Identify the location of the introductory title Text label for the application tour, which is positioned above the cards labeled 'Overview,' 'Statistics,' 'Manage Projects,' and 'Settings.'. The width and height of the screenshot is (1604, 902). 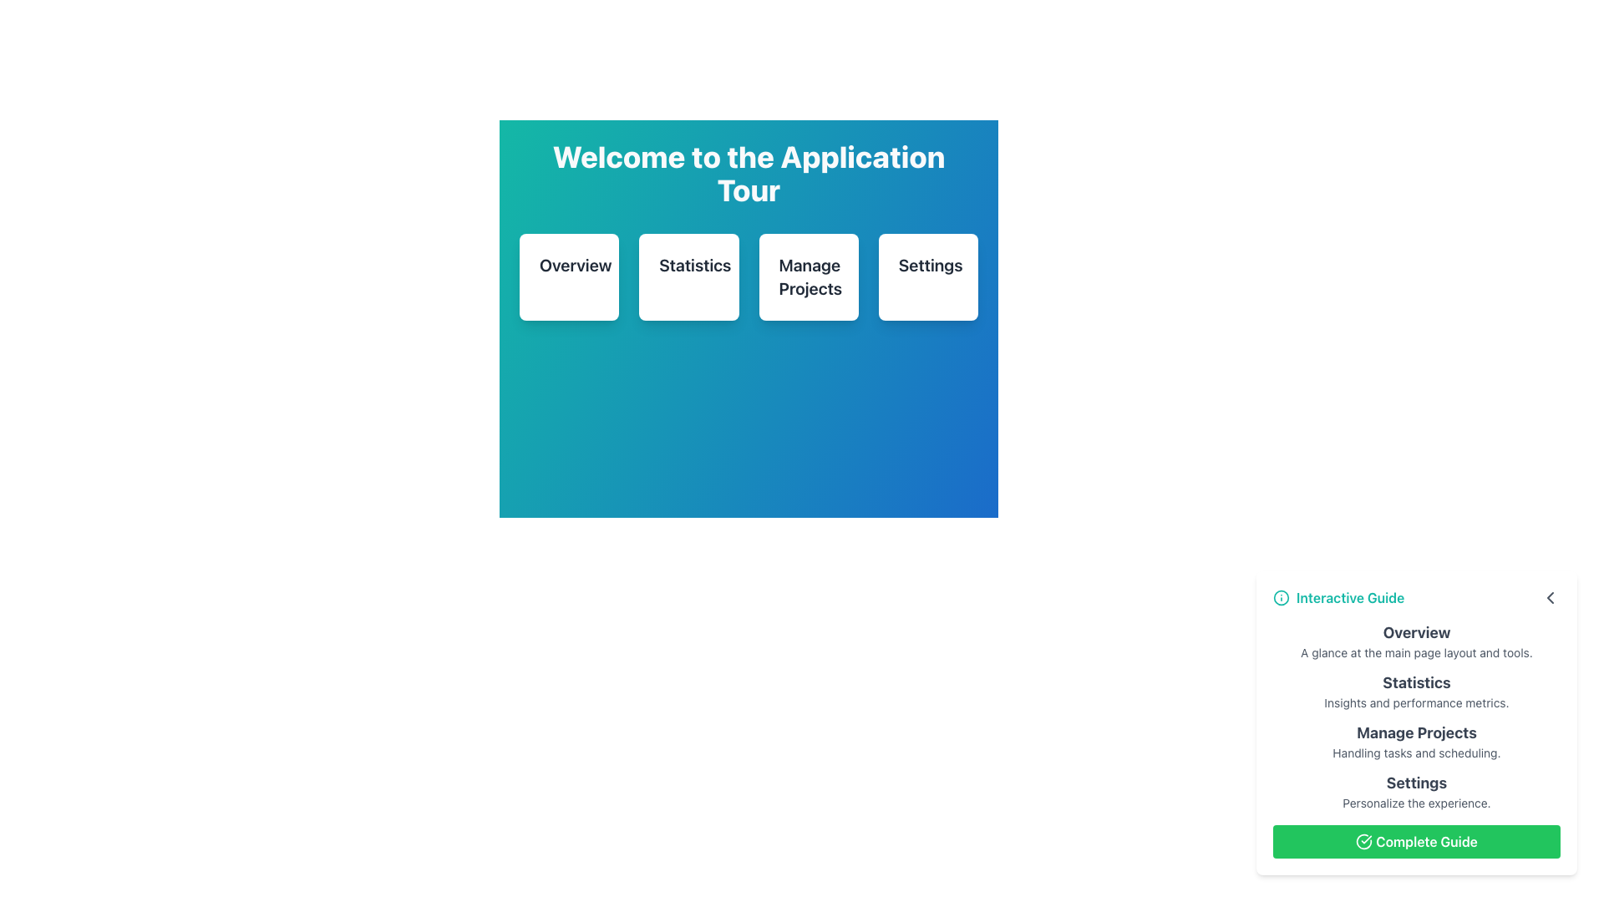
(748, 174).